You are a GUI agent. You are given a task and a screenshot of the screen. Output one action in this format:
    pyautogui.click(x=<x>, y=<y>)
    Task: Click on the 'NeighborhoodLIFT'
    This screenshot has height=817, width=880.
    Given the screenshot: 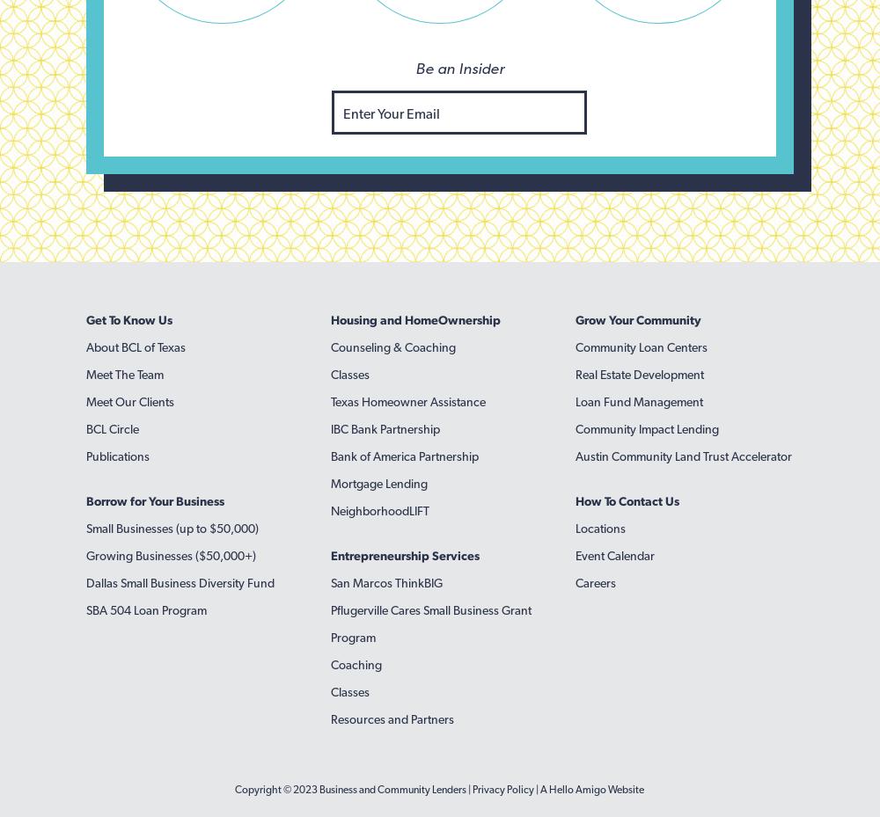 What is the action you would take?
    pyautogui.click(x=331, y=509)
    